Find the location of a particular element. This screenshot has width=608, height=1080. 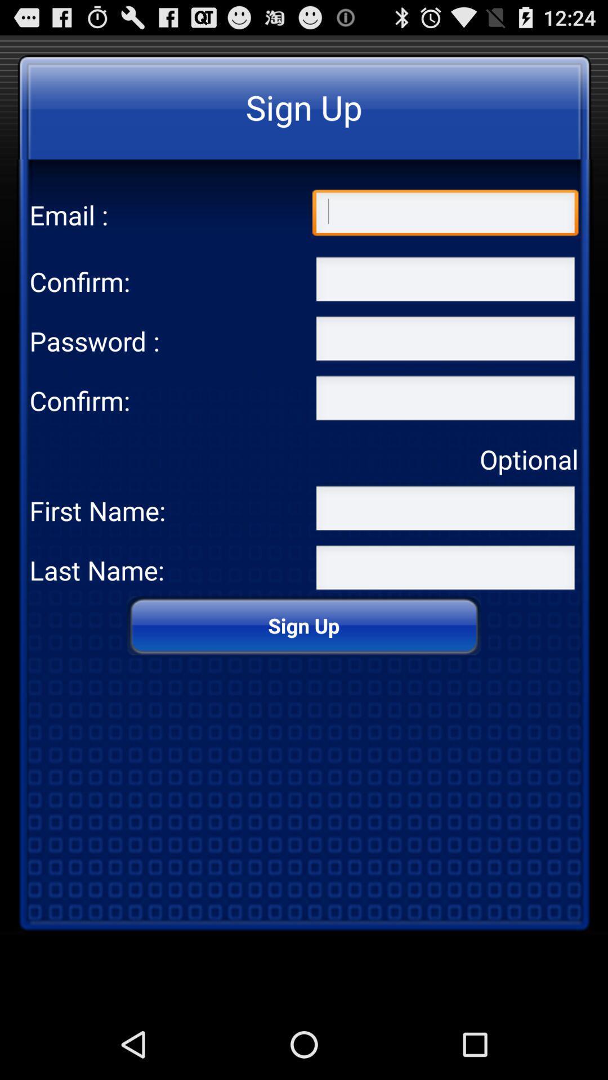

email box is located at coordinates (445, 215).